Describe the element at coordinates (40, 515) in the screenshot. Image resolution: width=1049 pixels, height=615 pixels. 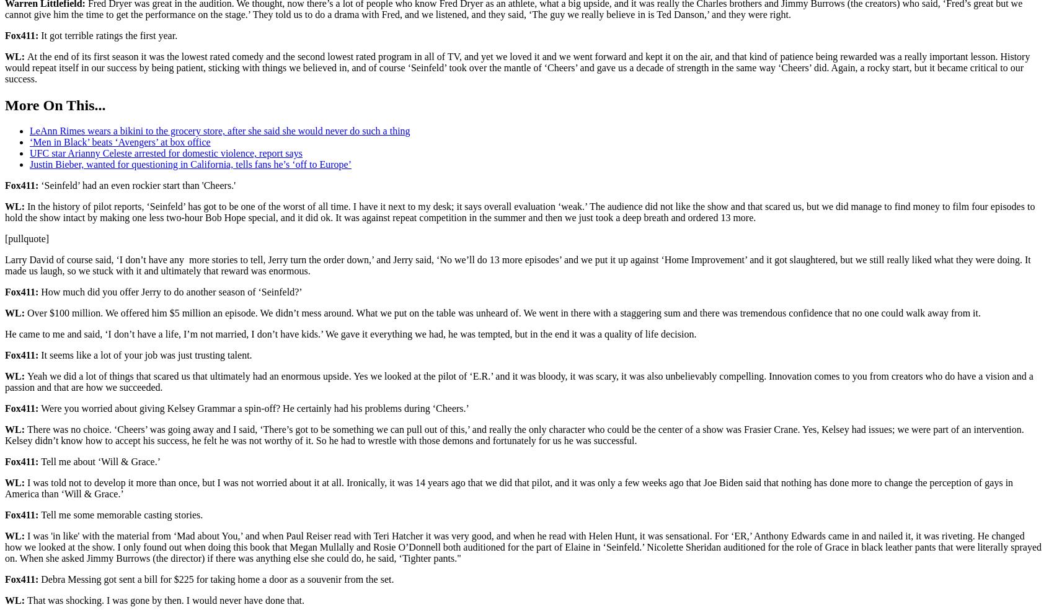
I see `'Tell me some memorable casting stories.'` at that location.